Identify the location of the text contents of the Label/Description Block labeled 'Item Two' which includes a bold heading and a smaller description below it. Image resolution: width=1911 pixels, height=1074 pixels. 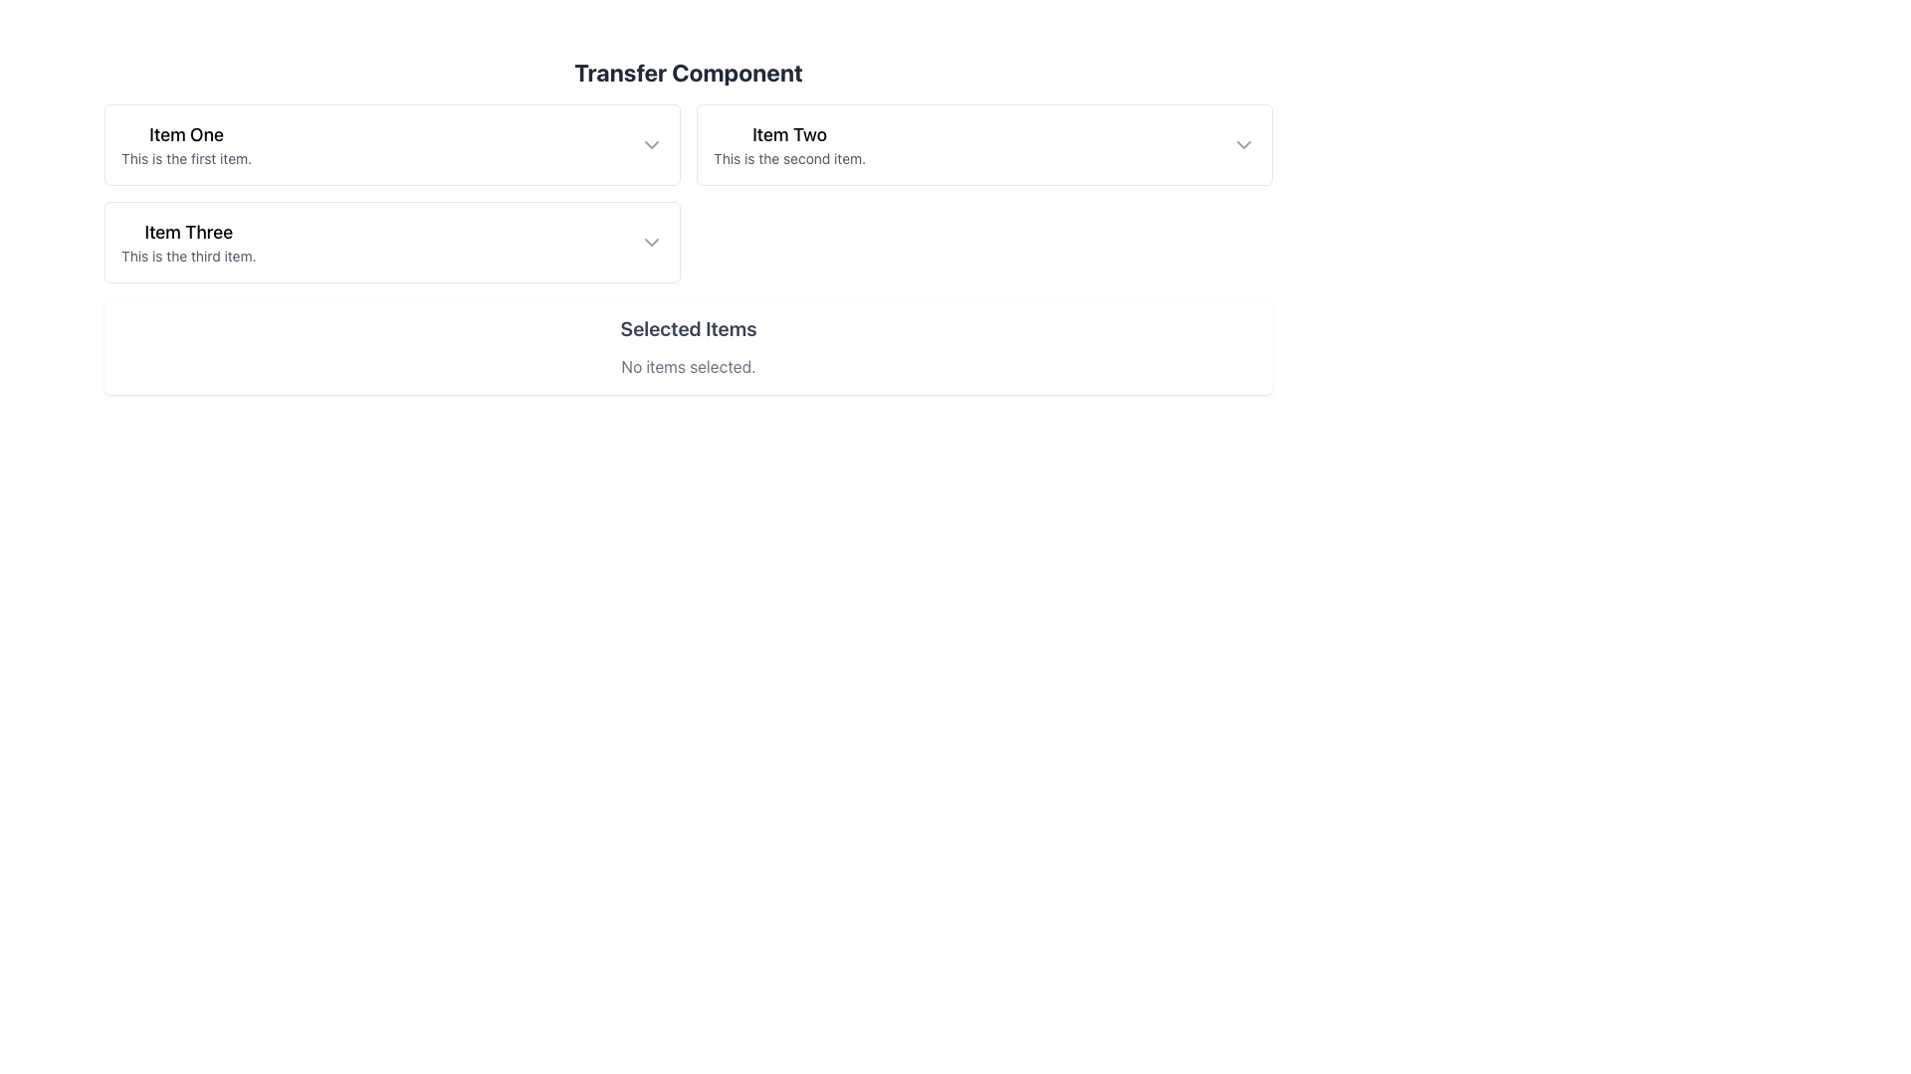
(788, 144).